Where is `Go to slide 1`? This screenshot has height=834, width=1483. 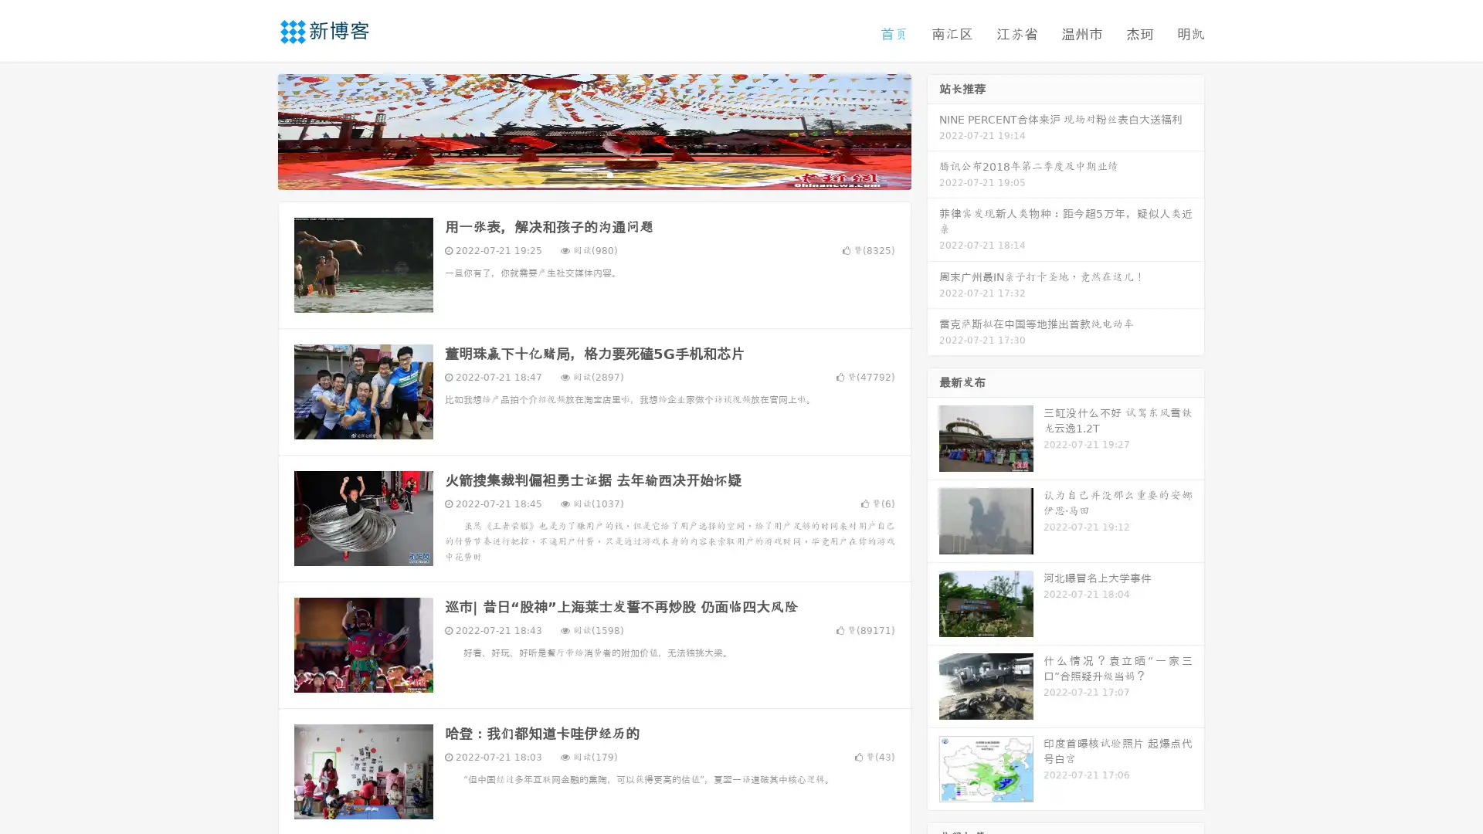
Go to slide 1 is located at coordinates (578, 174).